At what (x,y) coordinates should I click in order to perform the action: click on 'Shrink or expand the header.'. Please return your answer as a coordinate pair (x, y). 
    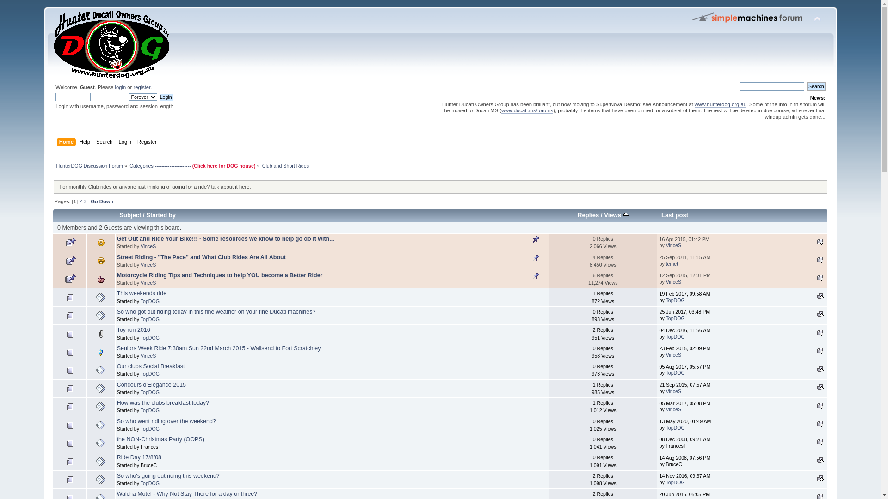
    Looking at the image, I should click on (817, 19).